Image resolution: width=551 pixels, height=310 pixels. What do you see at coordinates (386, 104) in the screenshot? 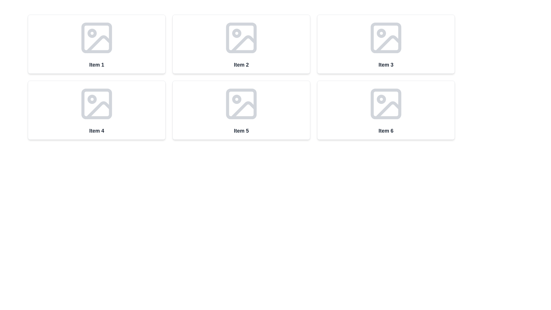
I see `the square shape with rounded corners located in the top-left corner of the 'Item 6' photo-like icon` at bounding box center [386, 104].